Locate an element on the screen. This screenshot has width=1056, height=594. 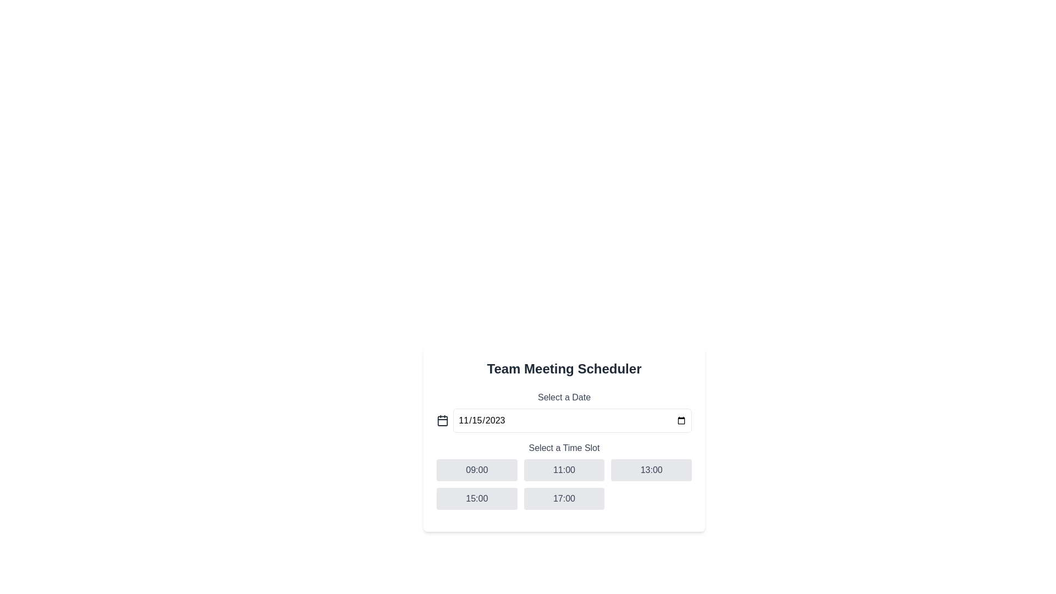
the button for selecting the '11:00' time slot in the scheduling interface is located at coordinates (564, 470).